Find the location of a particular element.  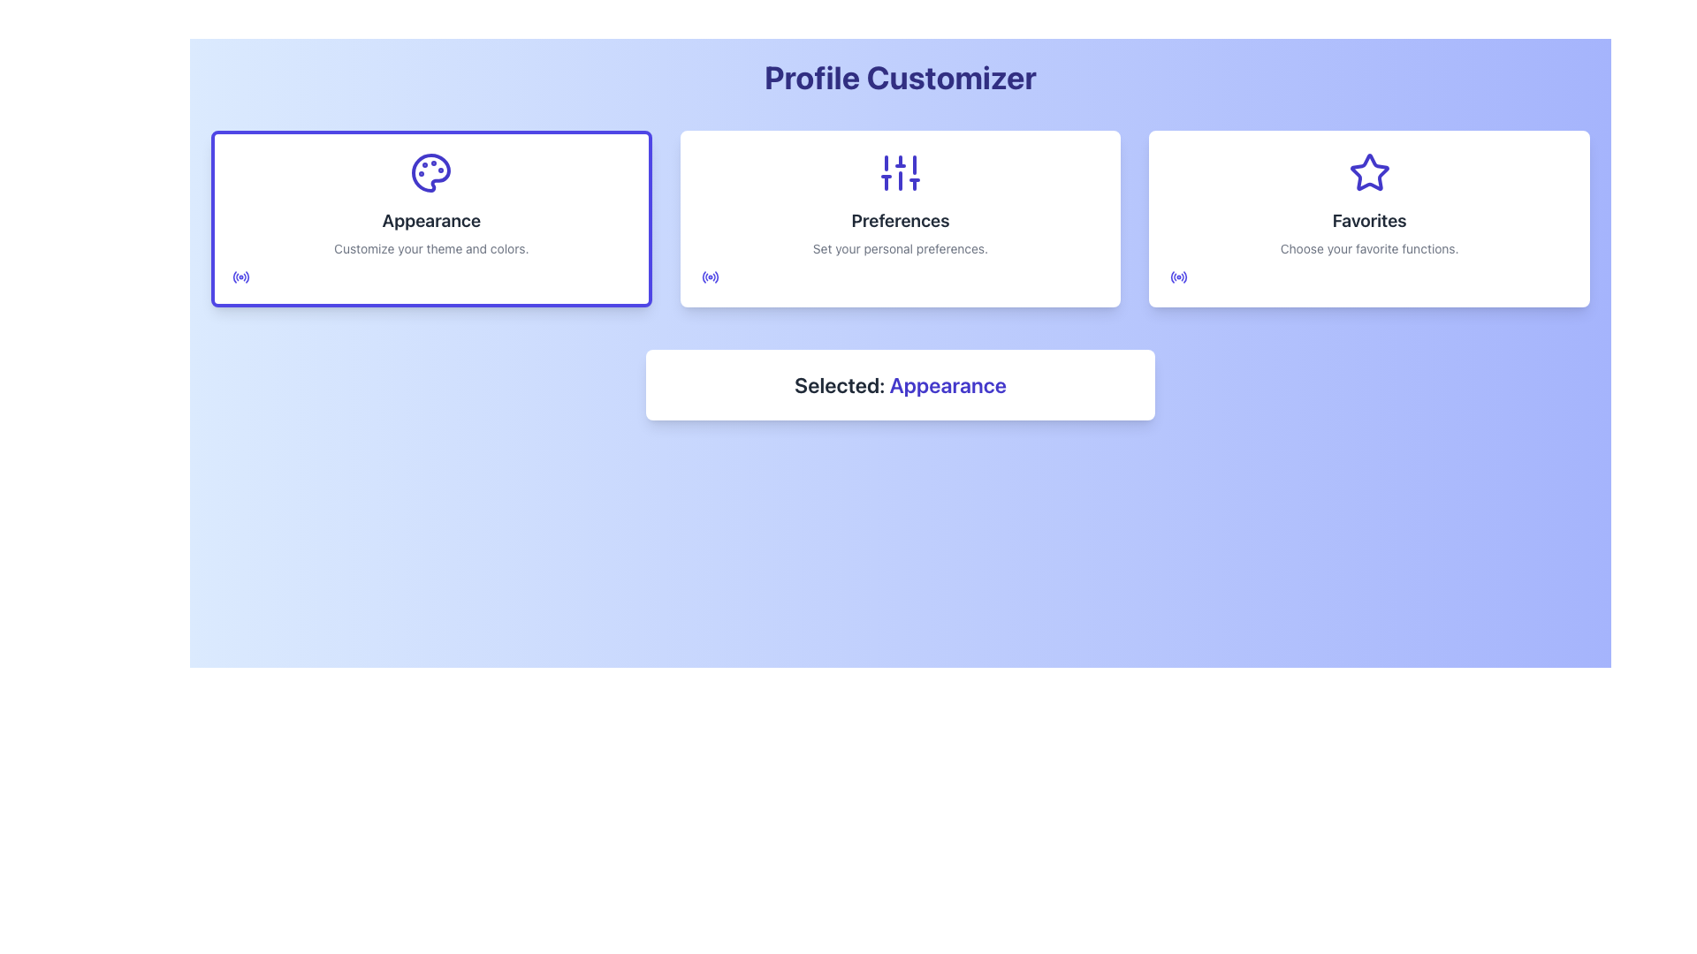

Card Title Text labeled 'Preferences', which is styled in large, bold font and located within a white card on a blue gradient background is located at coordinates (900, 220).